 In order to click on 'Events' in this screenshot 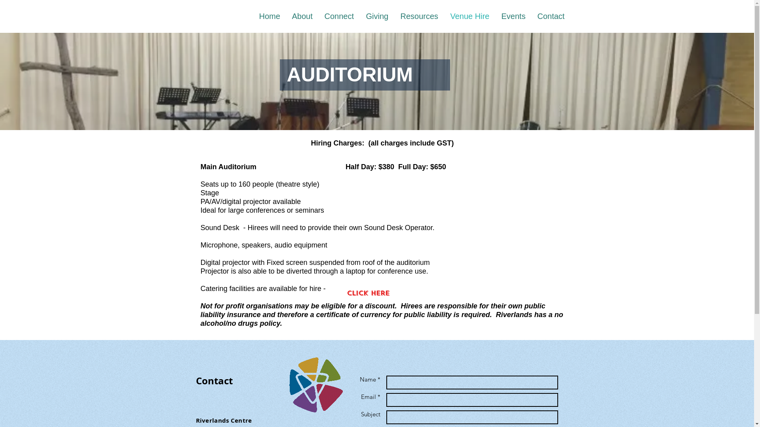, I will do `click(495, 16)`.